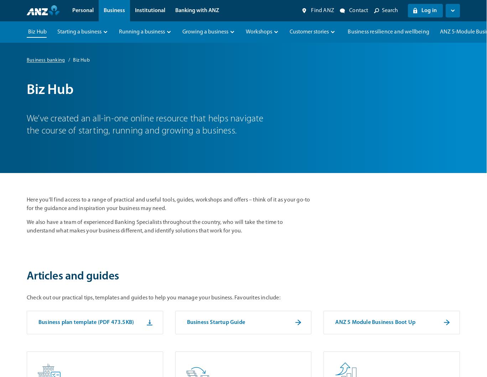 The height and width of the screenshot is (377, 487). Describe the element at coordinates (364, 120) in the screenshot. I see `'Sustainability in business'` at that location.